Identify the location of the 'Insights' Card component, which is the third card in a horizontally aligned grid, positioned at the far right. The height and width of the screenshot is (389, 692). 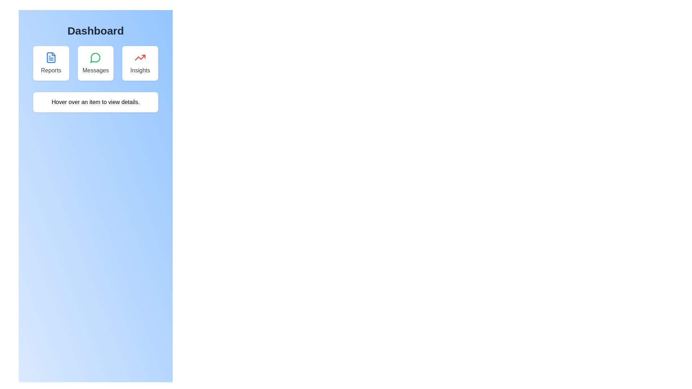
(140, 63).